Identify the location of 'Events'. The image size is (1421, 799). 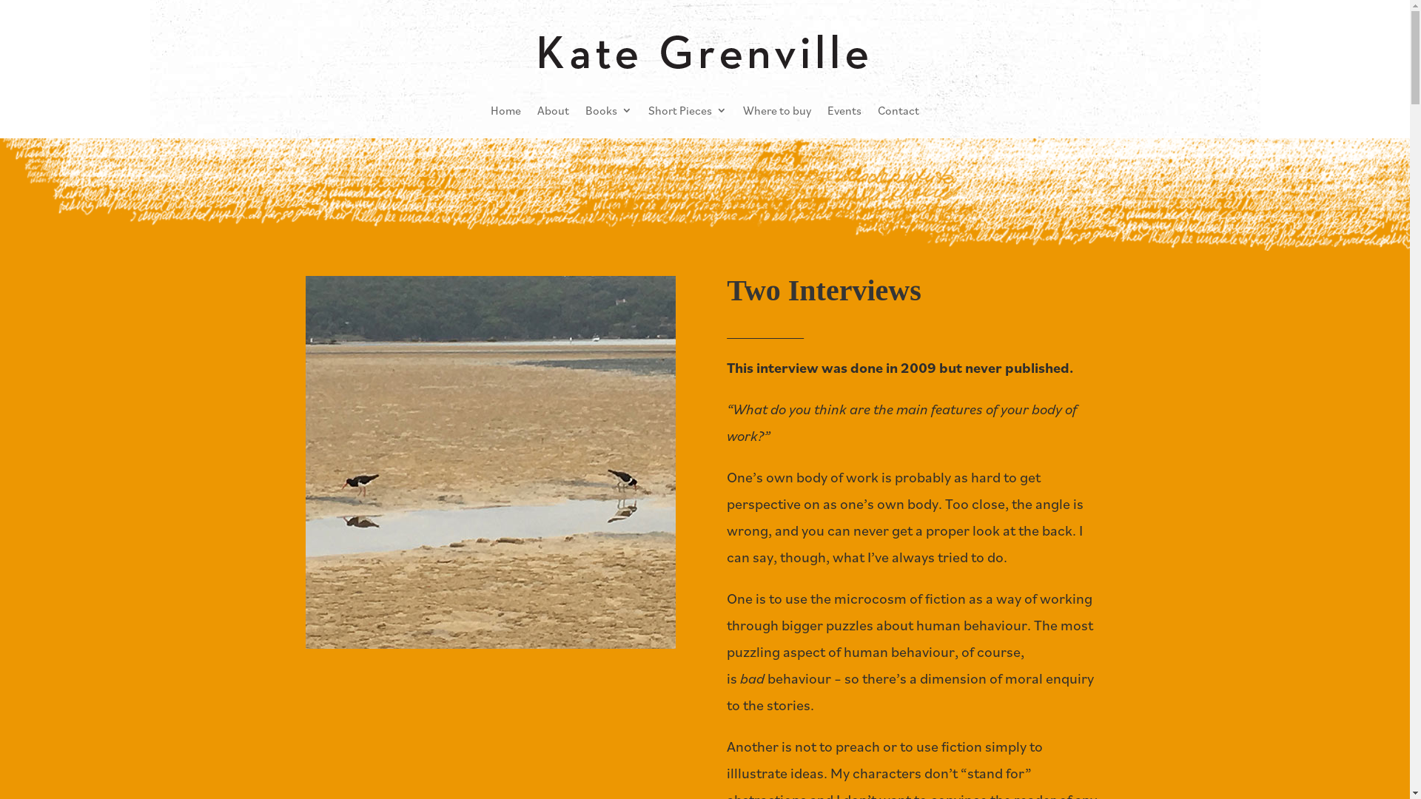
(844, 109).